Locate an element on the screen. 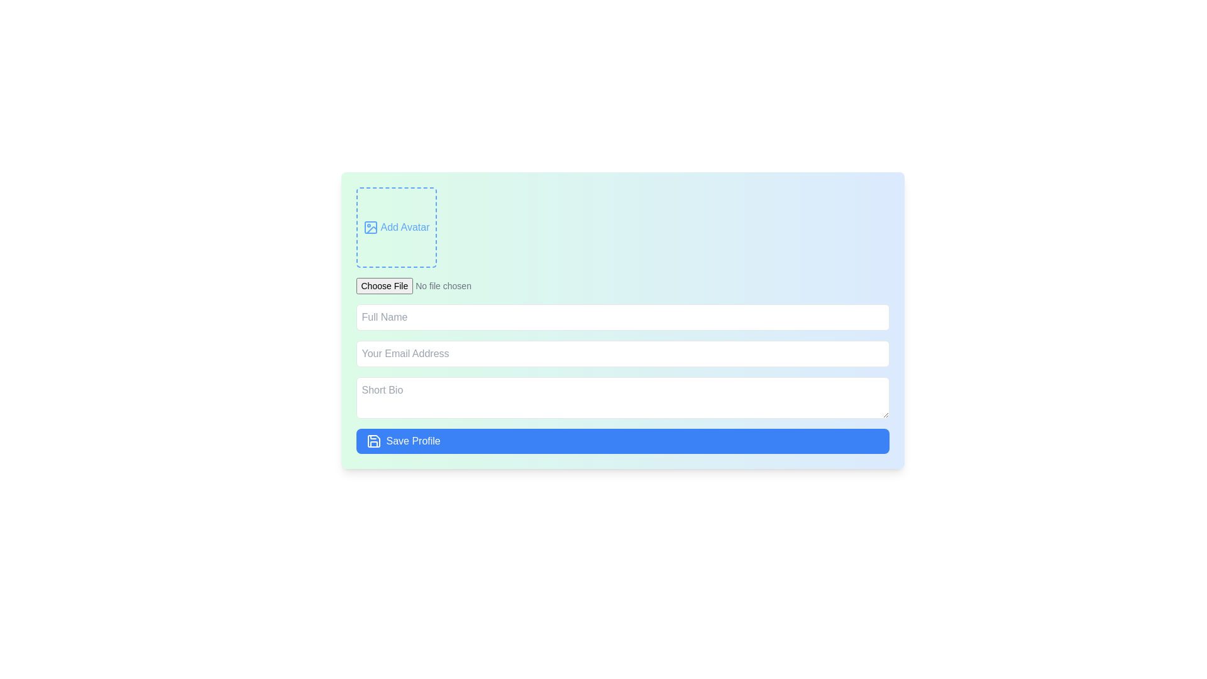  the email input field, which is the third field below the 'Add Avatar' section, positioned between the 'Full Name' field above and the 'Short Bio' field below is located at coordinates (622, 354).